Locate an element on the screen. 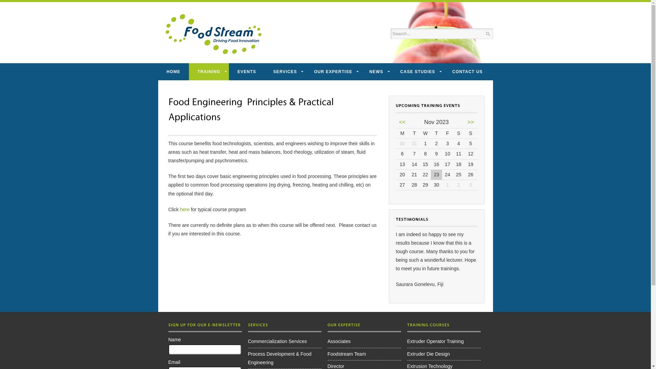 This screenshot has height=369, width=656. 'NEWS' is located at coordinates (375, 71).